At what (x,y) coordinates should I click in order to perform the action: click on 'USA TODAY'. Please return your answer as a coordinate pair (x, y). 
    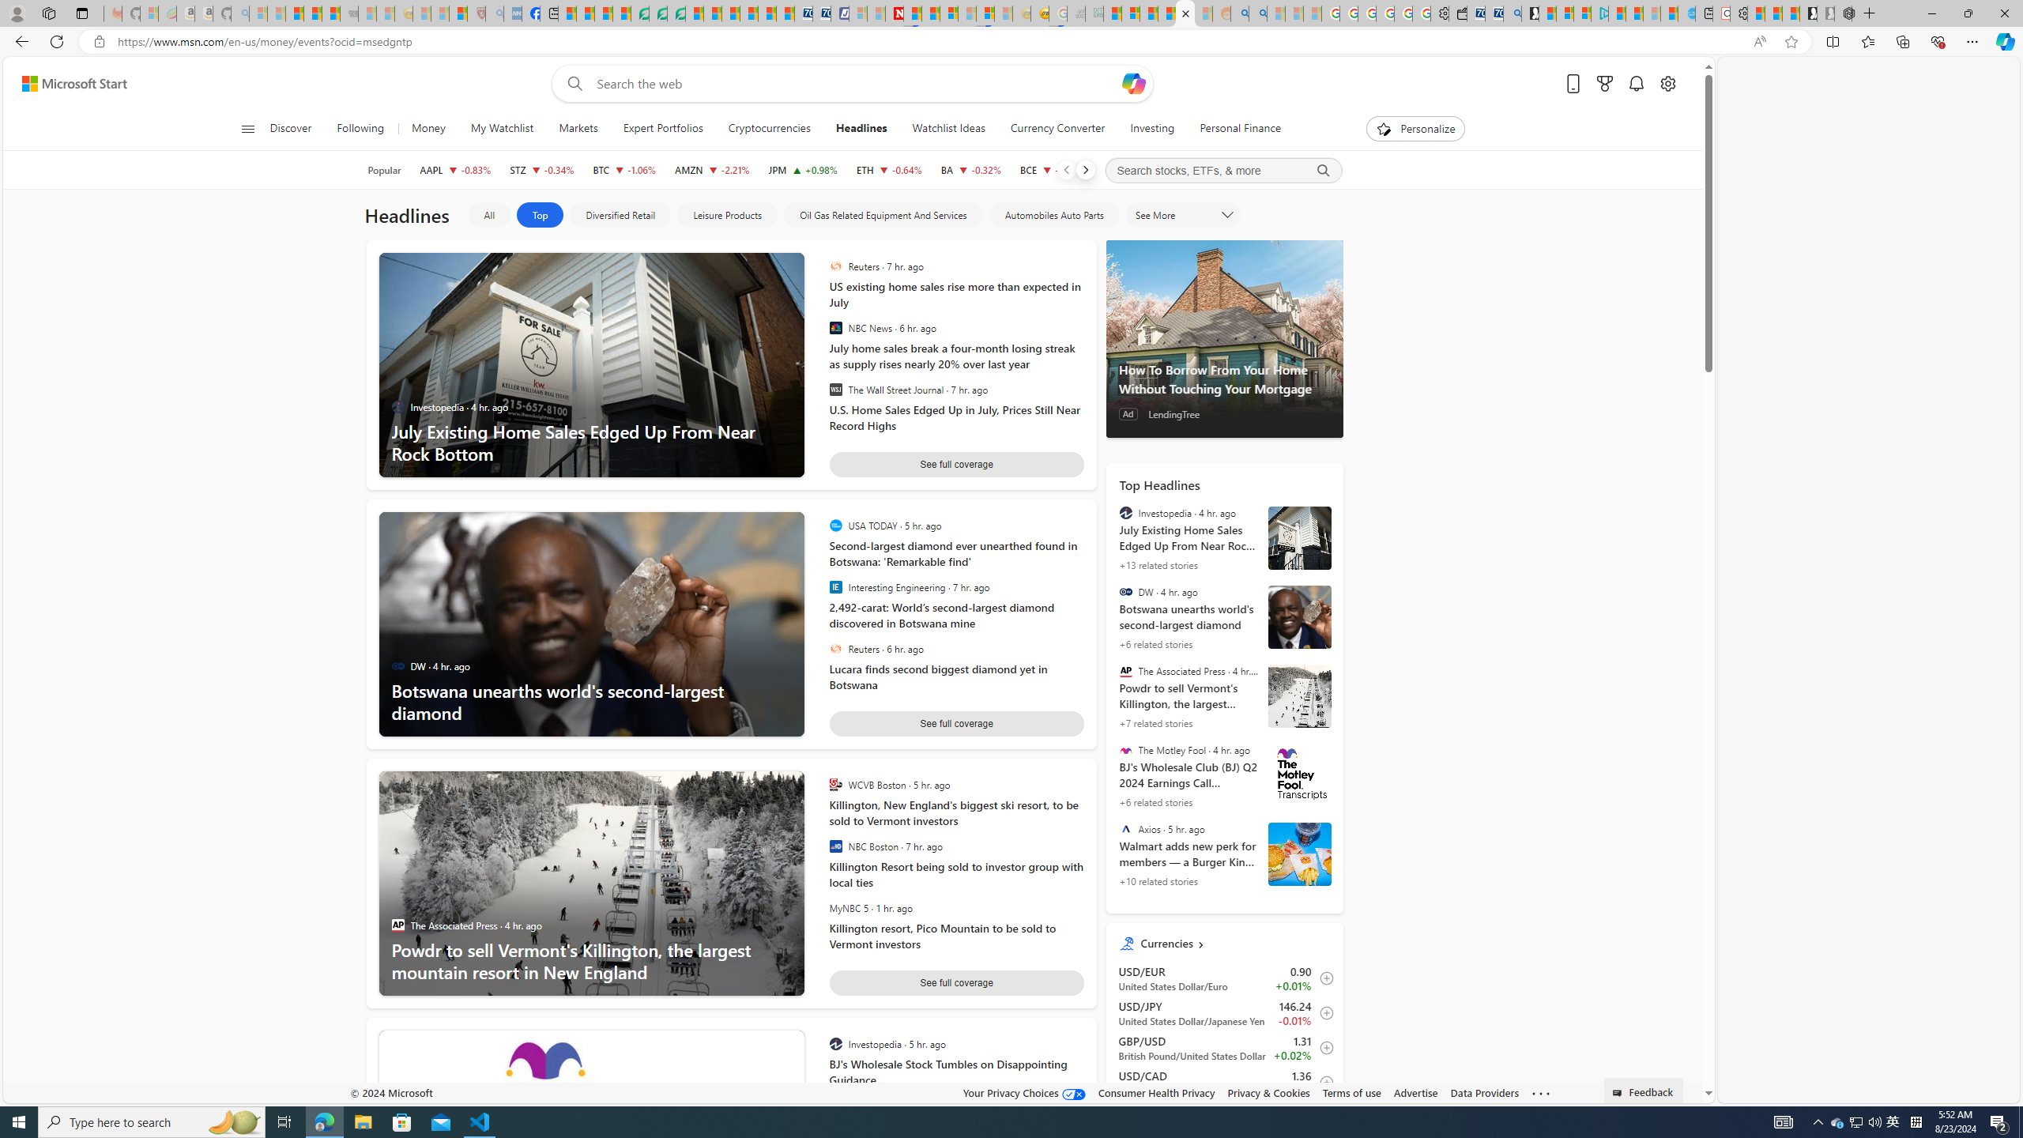
    Looking at the image, I should click on (834, 526).